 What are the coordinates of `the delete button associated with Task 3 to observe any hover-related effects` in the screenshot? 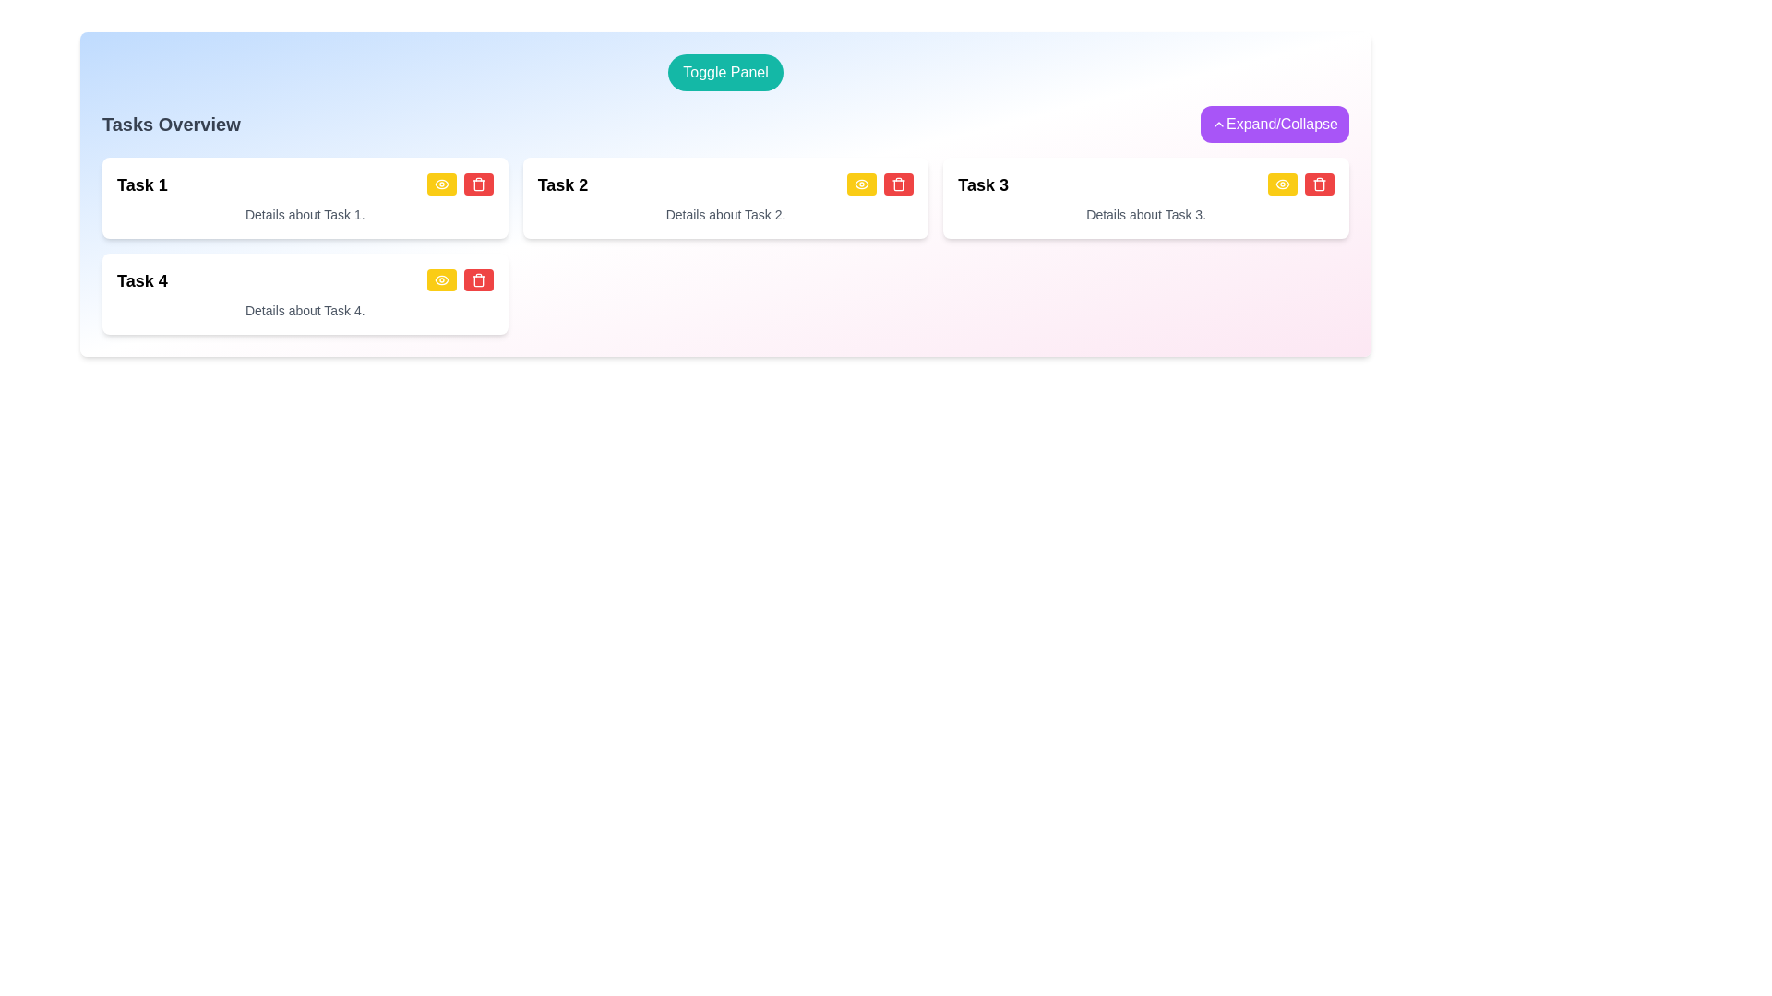 It's located at (1319, 184).